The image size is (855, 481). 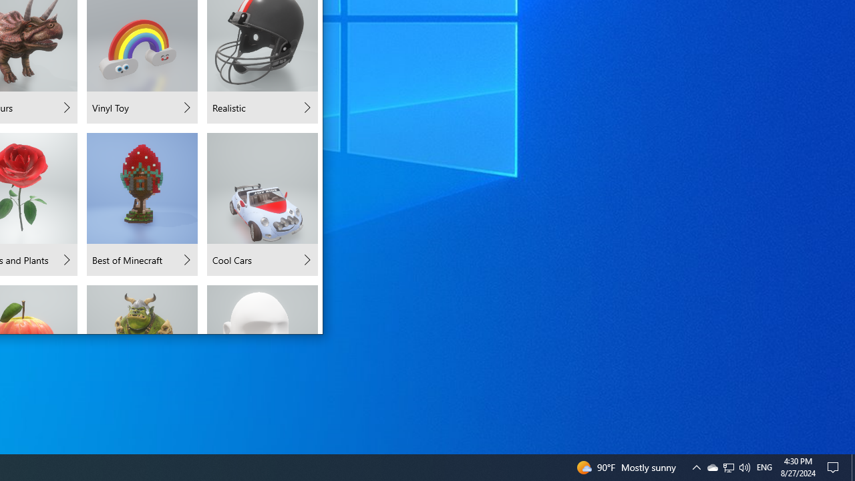 What do you see at coordinates (262, 309) in the screenshot?
I see `'Blank Heads'` at bounding box center [262, 309].